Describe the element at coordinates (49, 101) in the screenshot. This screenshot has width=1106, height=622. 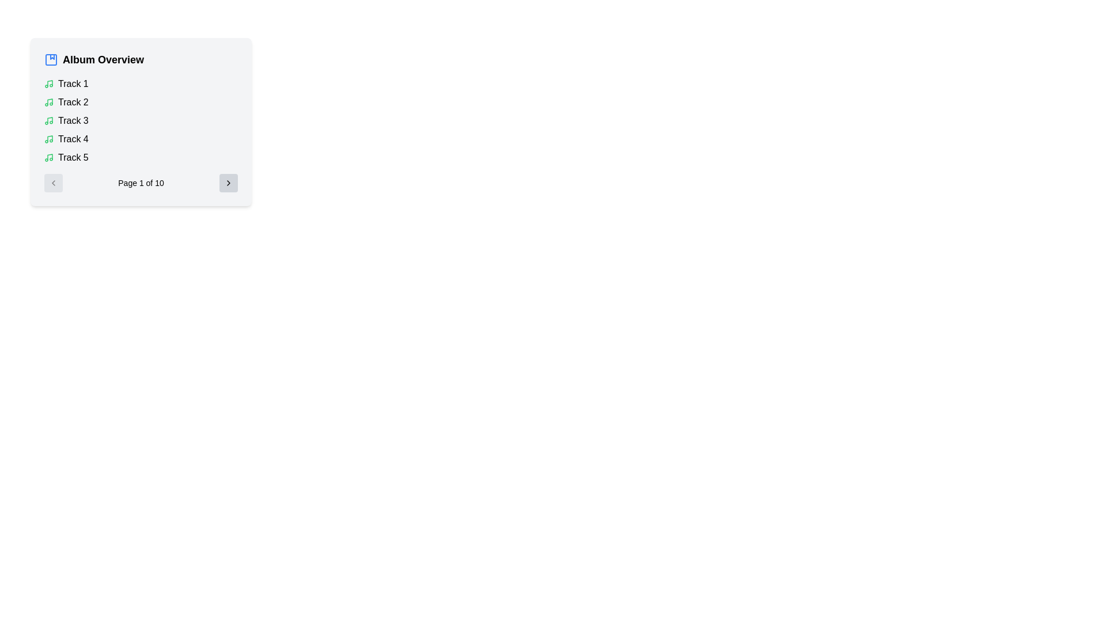
I see `the vertical stem of the music note icon located to the left of the text 'Track 2'` at that location.